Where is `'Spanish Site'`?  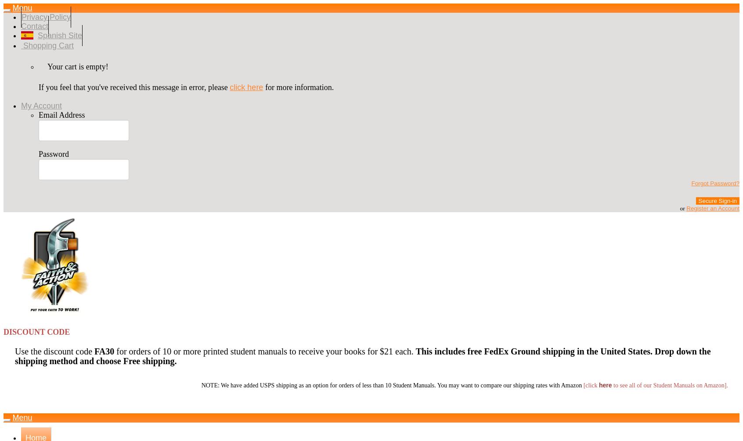 'Spanish Site' is located at coordinates (60, 36).